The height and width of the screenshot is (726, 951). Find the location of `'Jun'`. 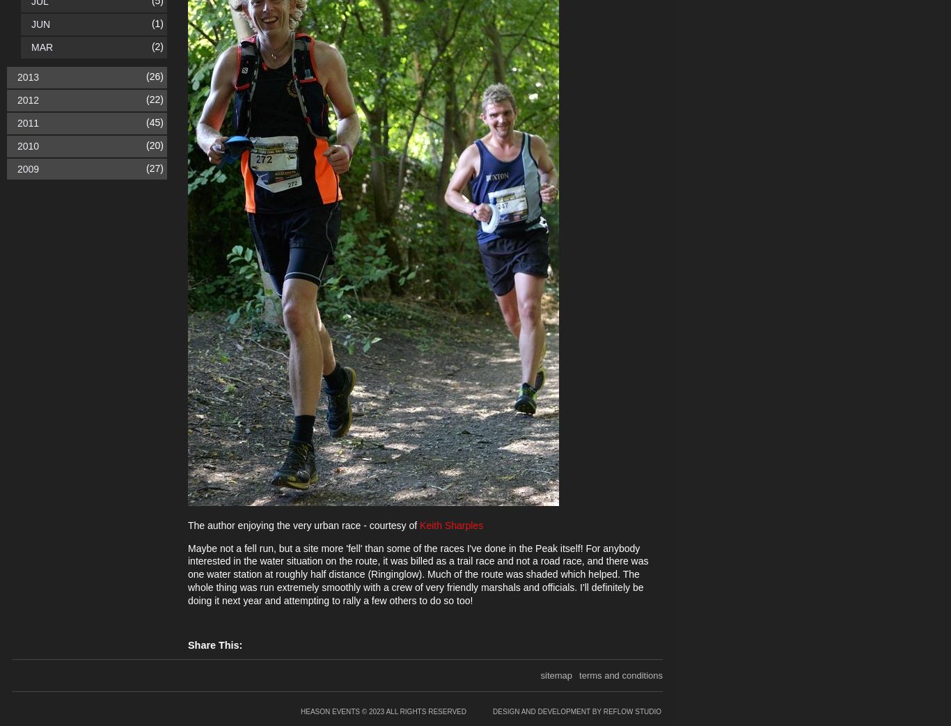

'Jun' is located at coordinates (40, 24).